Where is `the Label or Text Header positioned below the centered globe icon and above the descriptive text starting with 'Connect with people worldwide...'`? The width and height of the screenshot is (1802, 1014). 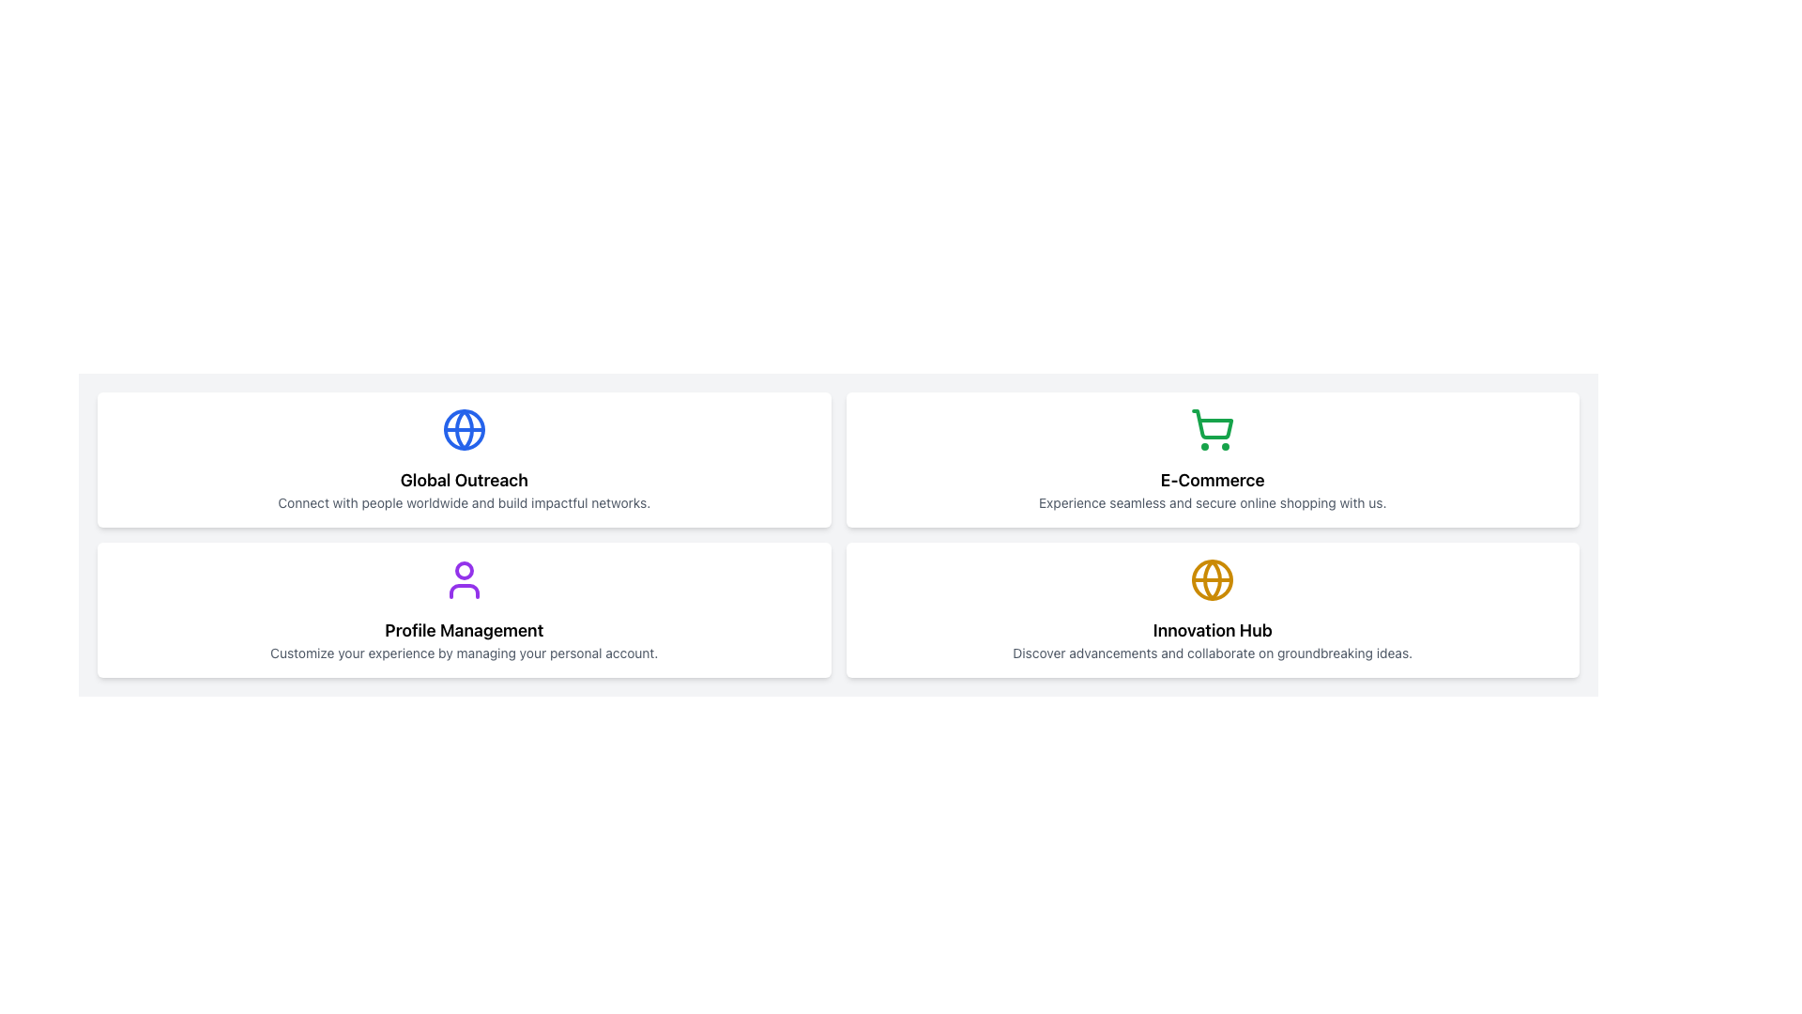 the Label or Text Header positioned below the centered globe icon and above the descriptive text starting with 'Connect with people worldwide...' is located at coordinates (464, 480).